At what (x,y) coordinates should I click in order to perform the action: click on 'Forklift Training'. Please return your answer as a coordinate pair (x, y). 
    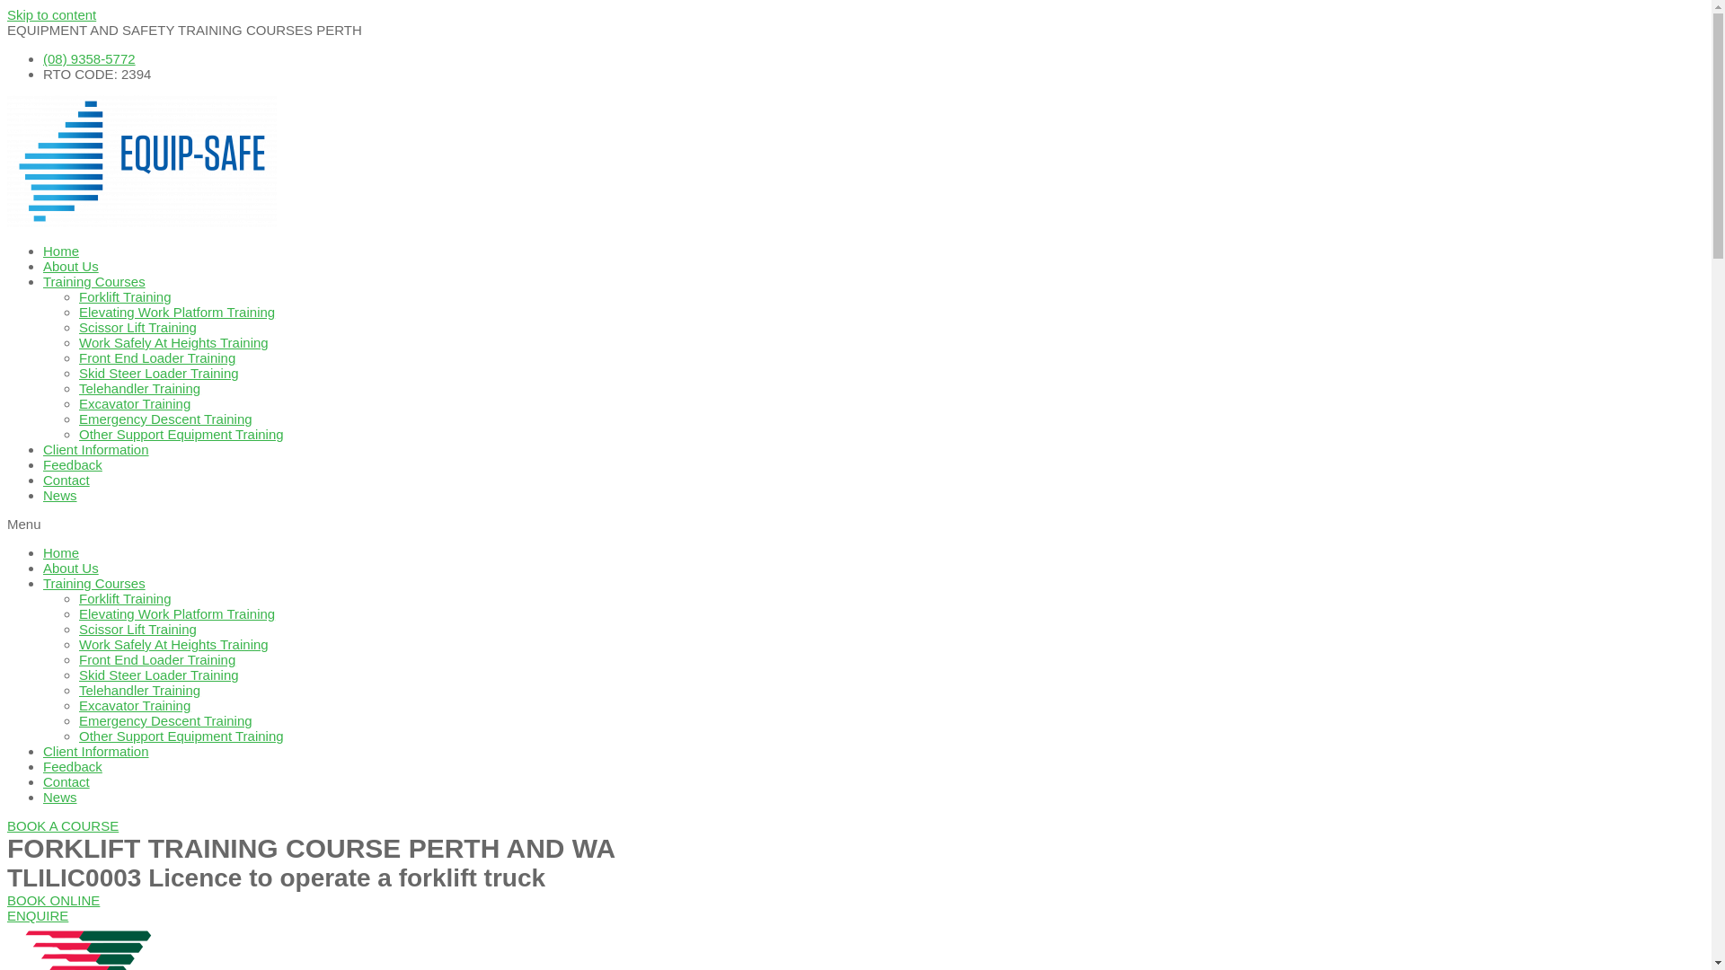
    Looking at the image, I should click on (124, 598).